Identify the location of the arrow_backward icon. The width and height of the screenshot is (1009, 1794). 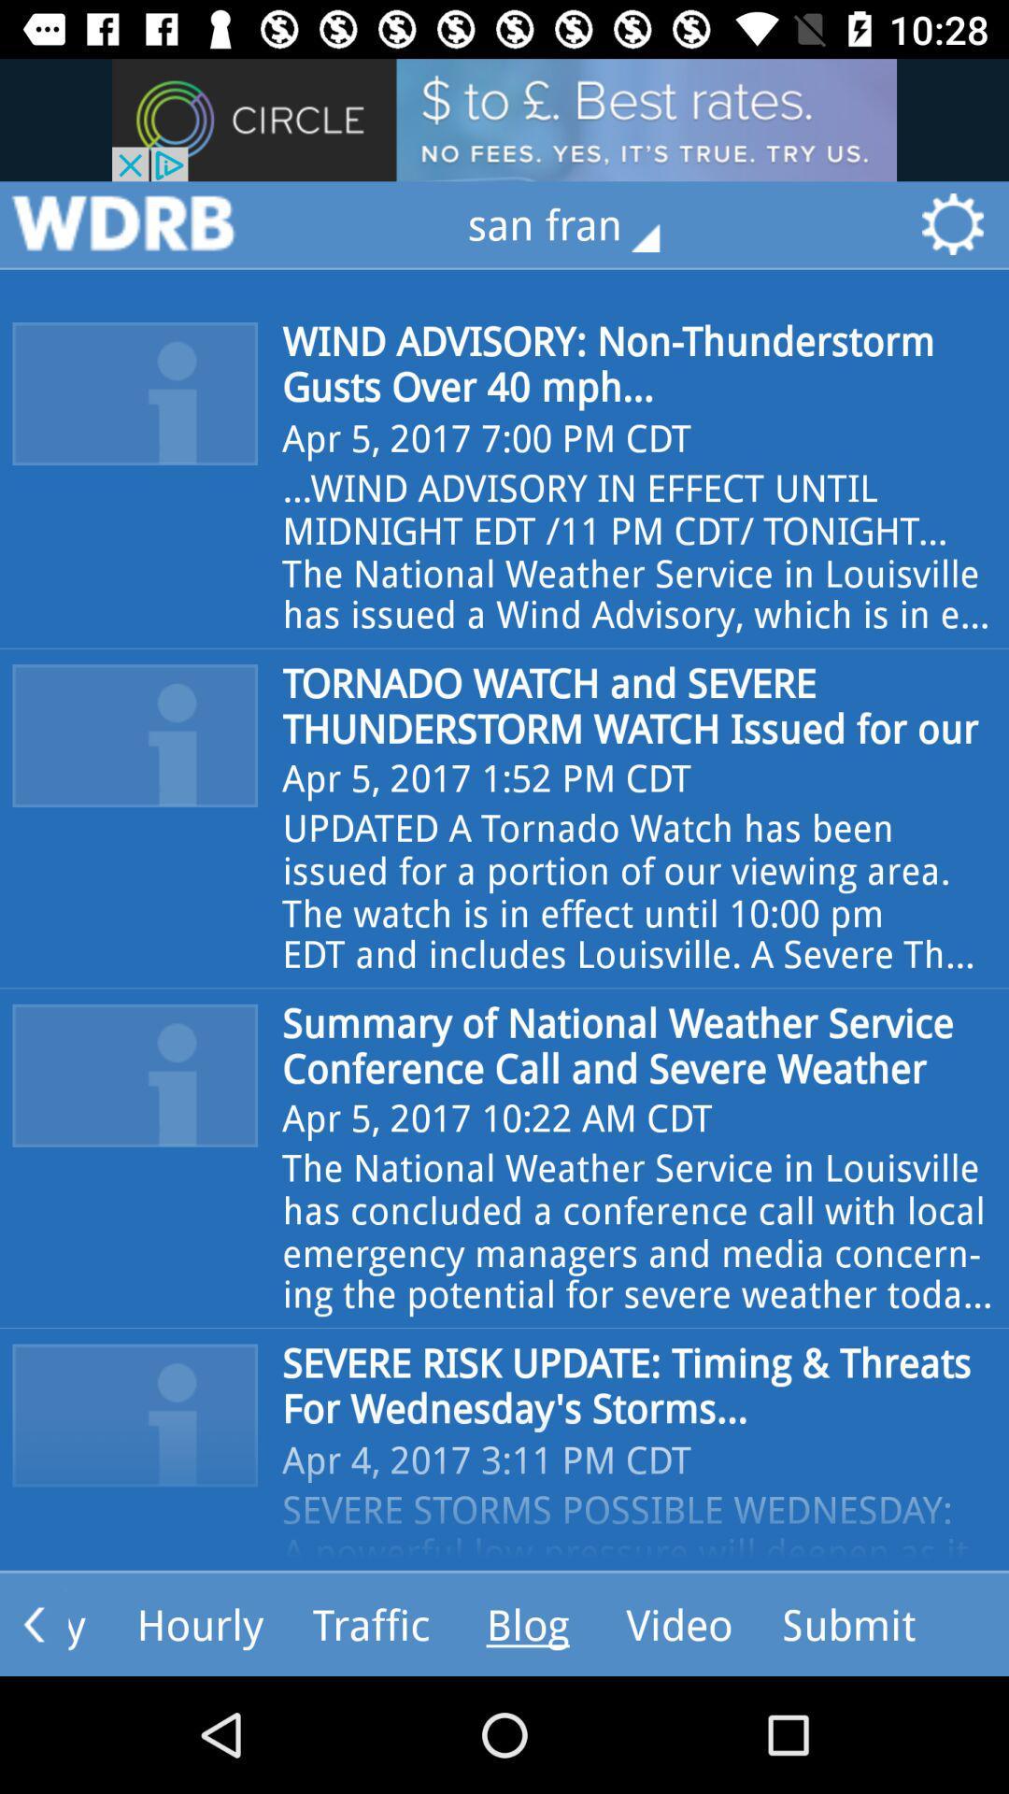
(34, 1623).